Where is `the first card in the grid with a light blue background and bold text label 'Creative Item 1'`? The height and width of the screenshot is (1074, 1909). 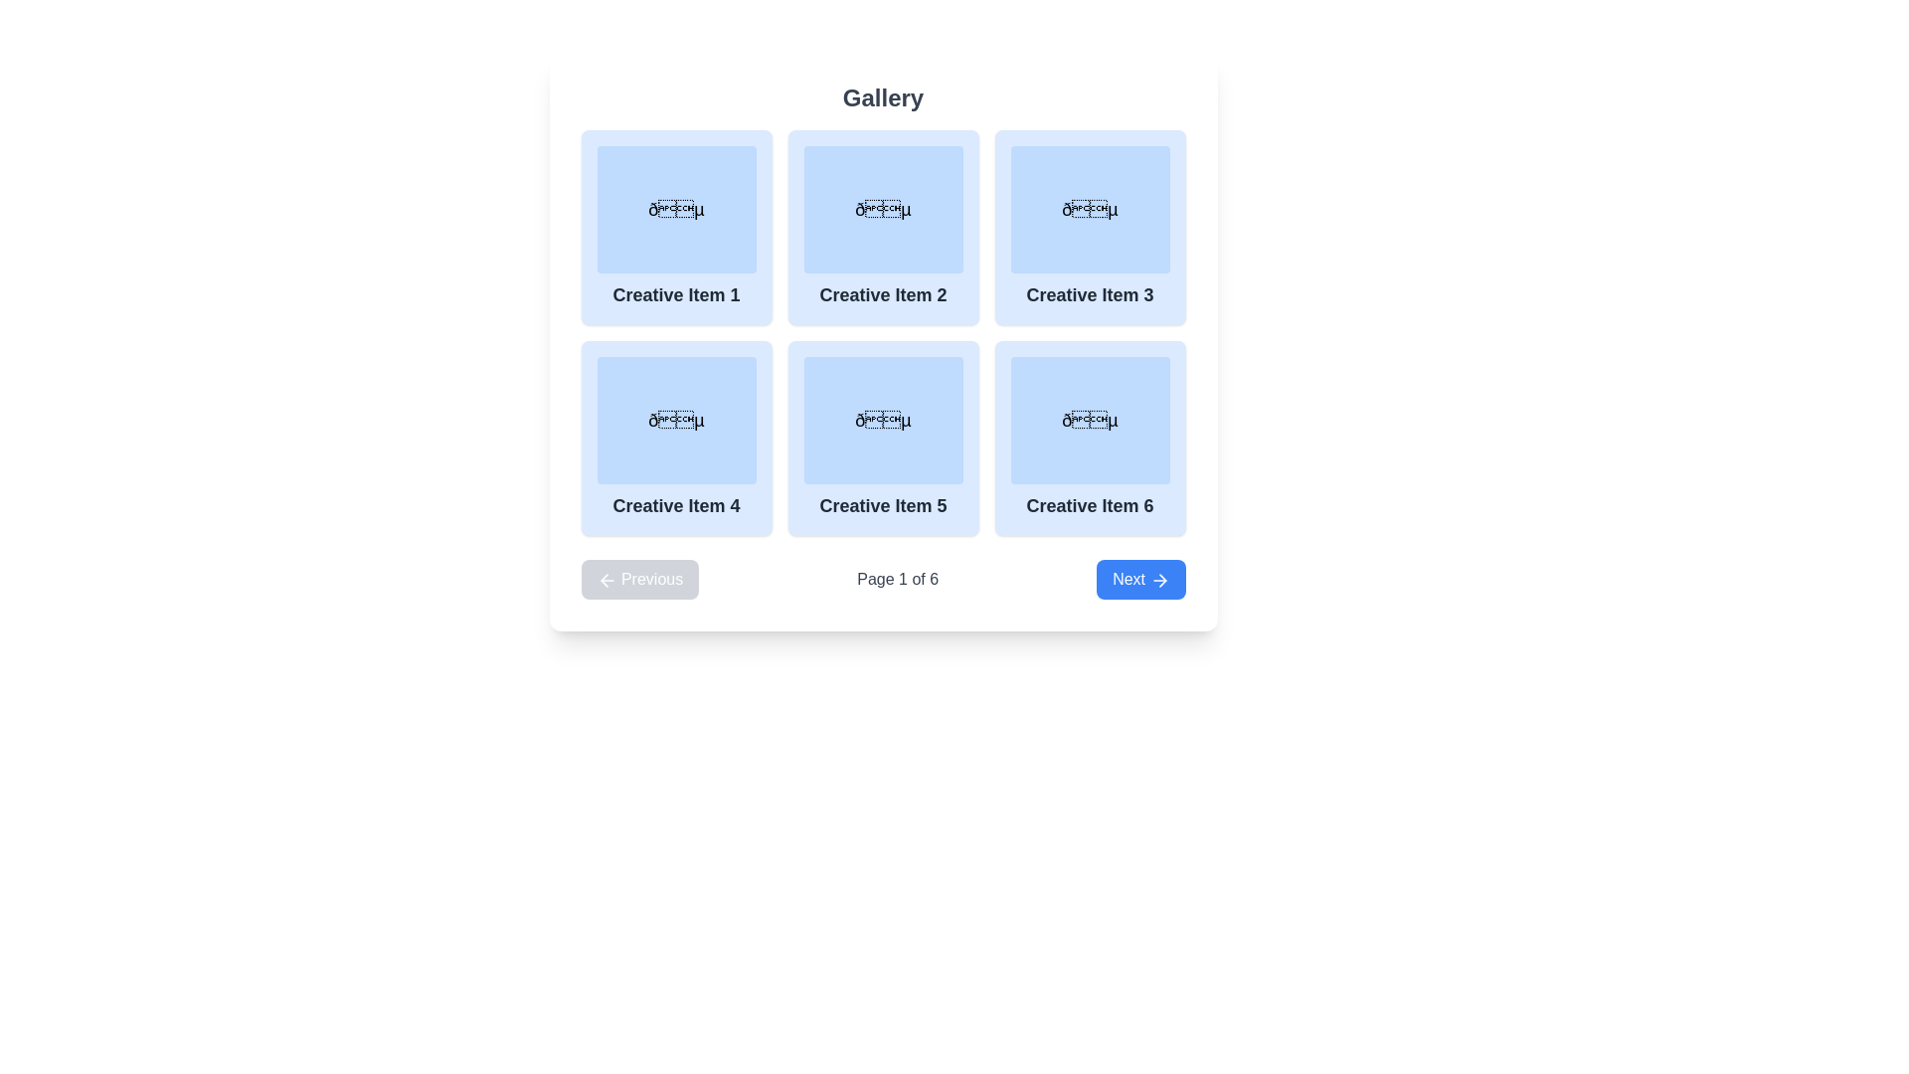 the first card in the grid with a light blue background and bold text label 'Creative Item 1' is located at coordinates (676, 226).